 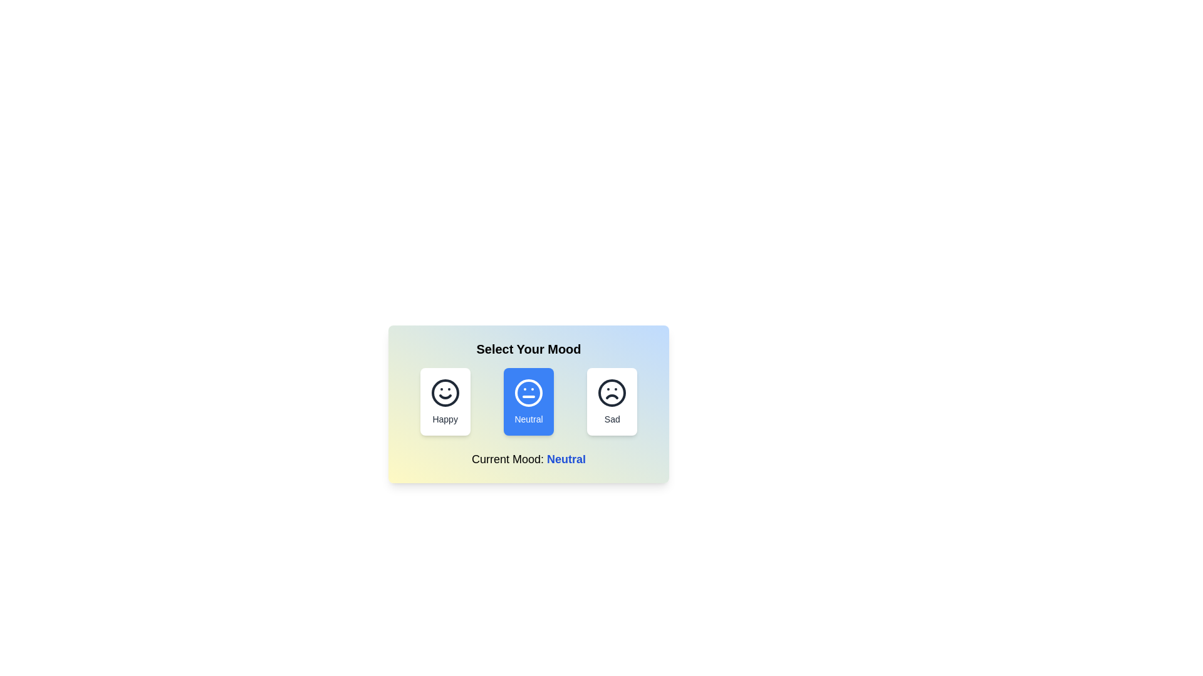 What do you see at coordinates (612, 401) in the screenshot?
I see `the mood button labeled Sad` at bounding box center [612, 401].